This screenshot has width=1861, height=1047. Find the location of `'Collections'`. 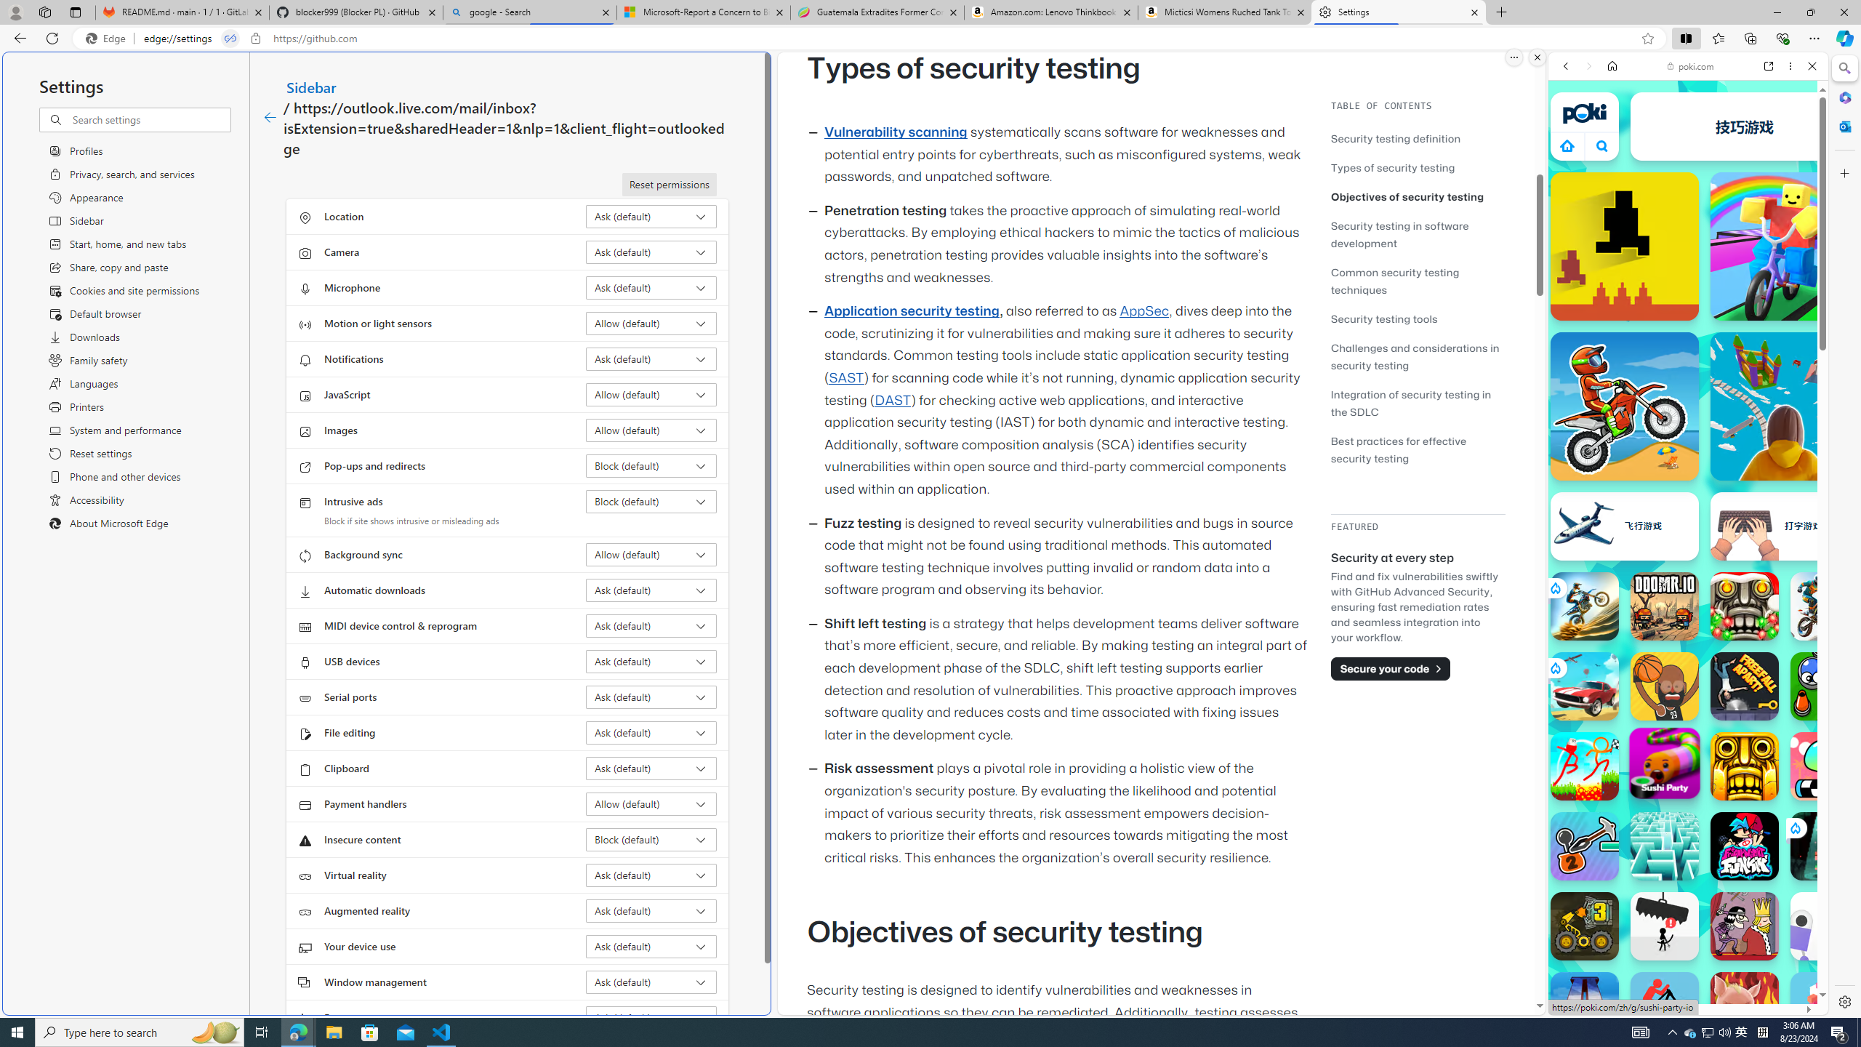

'Collections' is located at coordinates (1749, 37).